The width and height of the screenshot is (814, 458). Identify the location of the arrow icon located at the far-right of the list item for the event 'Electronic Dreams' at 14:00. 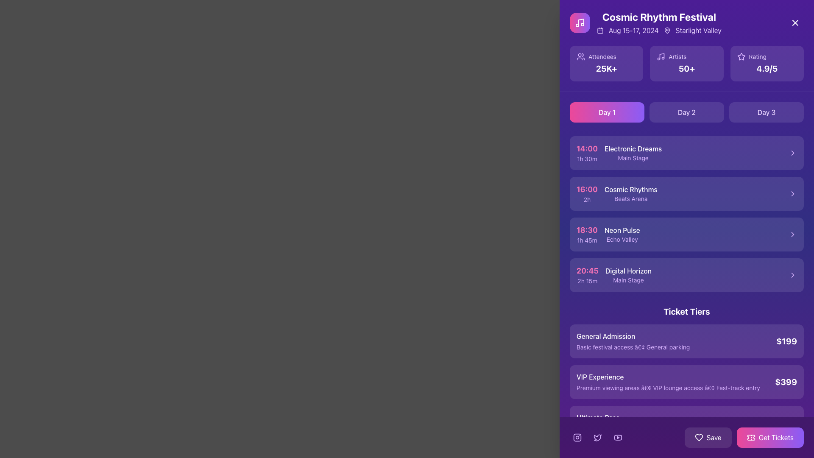
(792, 153).